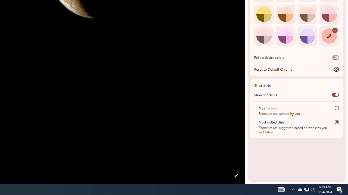  I want to click on 'Reset to Default Chrome', so click(296, 69).